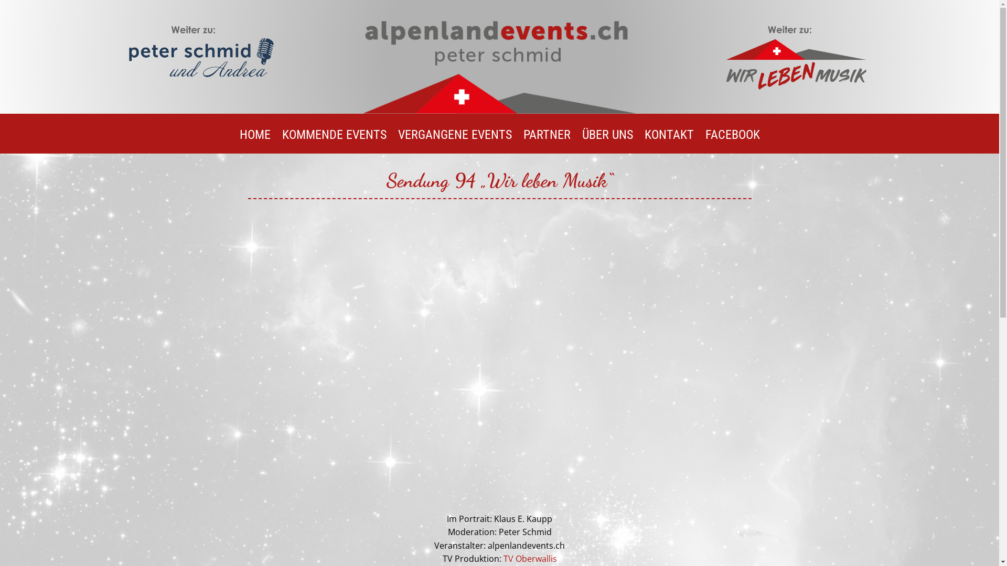  I want to click on 'FACEBOOK', so click(732, 142).